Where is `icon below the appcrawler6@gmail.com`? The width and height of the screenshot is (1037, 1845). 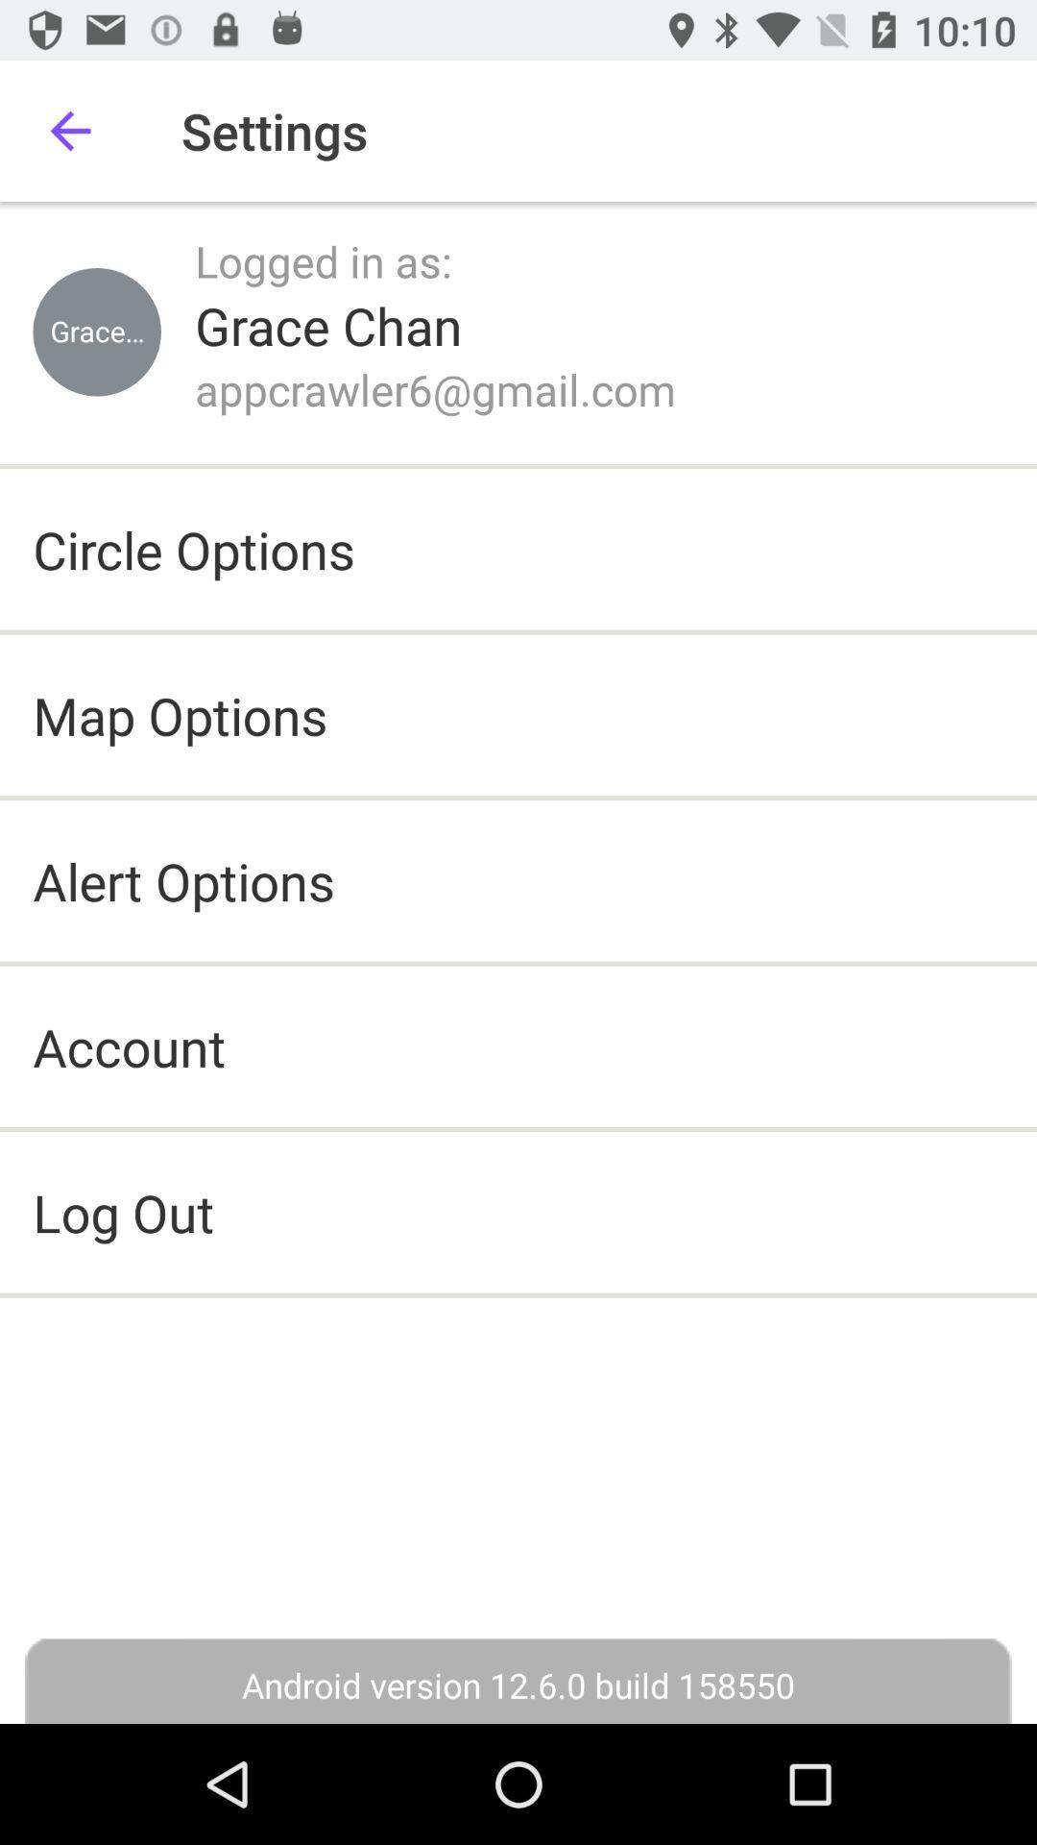
icon below the appcrawler6@gmail.com is located at coordinates (194, 548).